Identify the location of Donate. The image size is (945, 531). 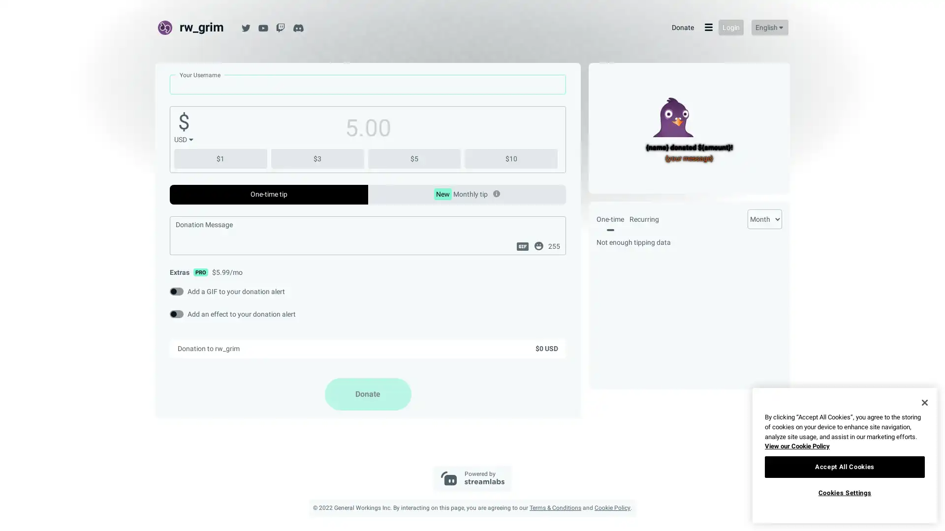
(367, 393).